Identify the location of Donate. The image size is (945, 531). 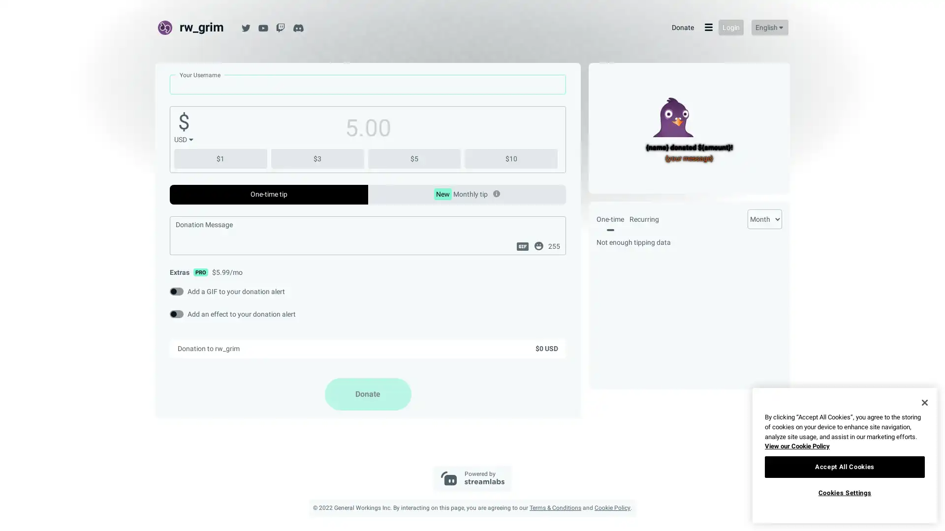
(367, 393).